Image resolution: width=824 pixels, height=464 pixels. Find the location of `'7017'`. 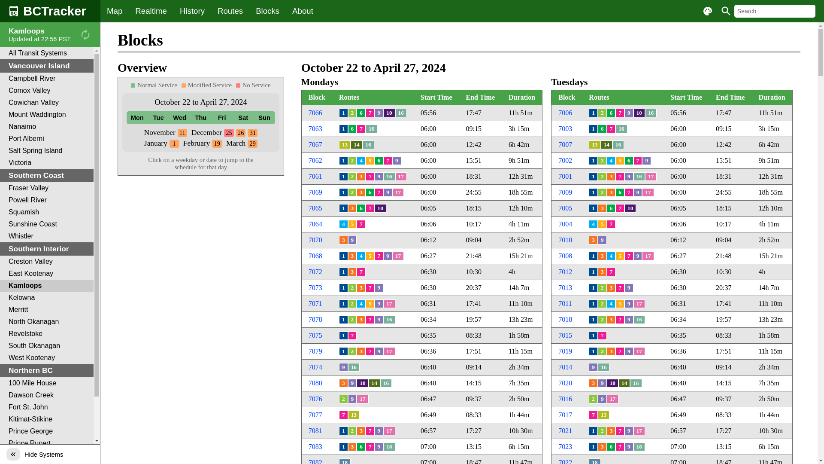

'7017' is located at coordinates (558, 414).